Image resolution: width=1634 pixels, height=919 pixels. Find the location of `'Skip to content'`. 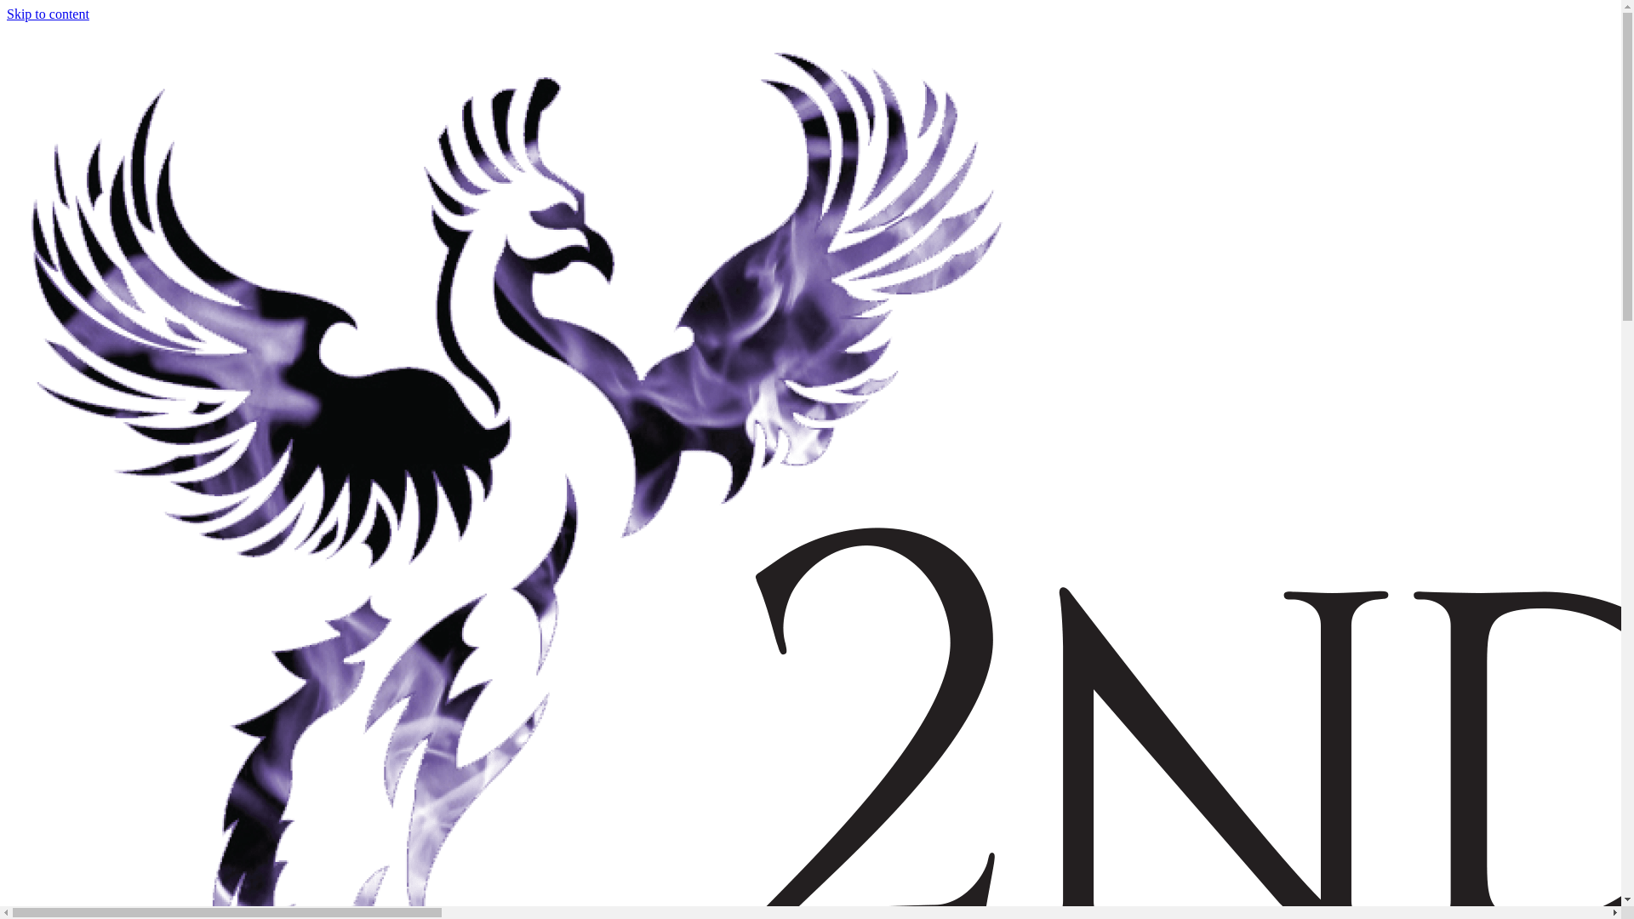

'Skip to content' is located at coordinates (48, 14).